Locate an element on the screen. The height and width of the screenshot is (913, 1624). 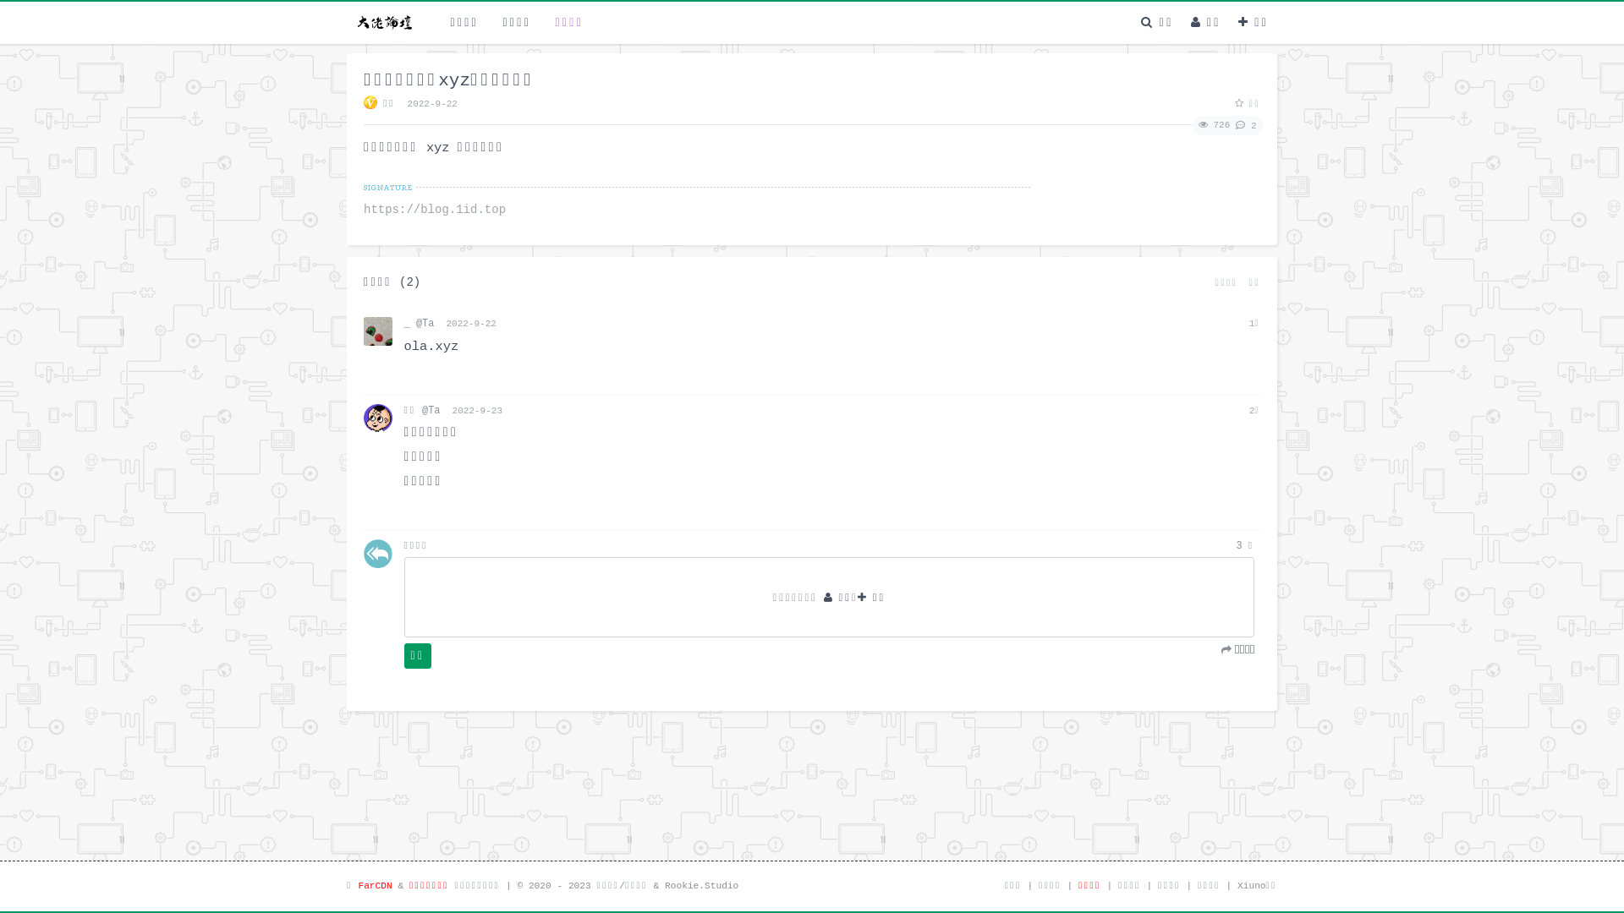
'2' is located at coordinates (1243, 124).